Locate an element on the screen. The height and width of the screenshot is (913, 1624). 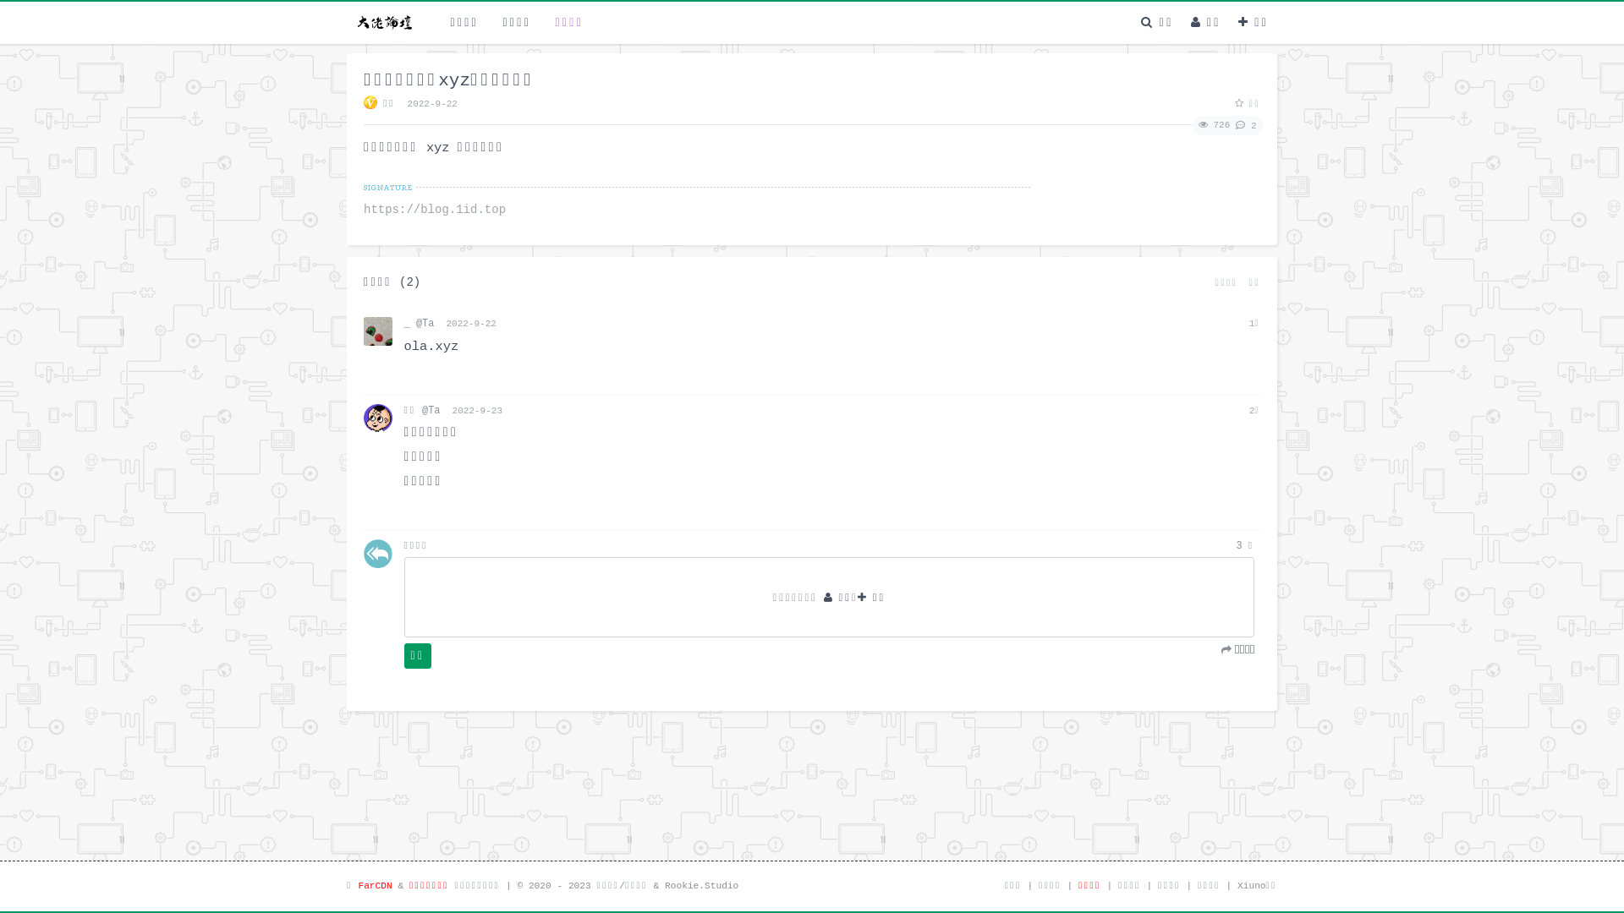
'2' is located at coordinates (1243, 124).